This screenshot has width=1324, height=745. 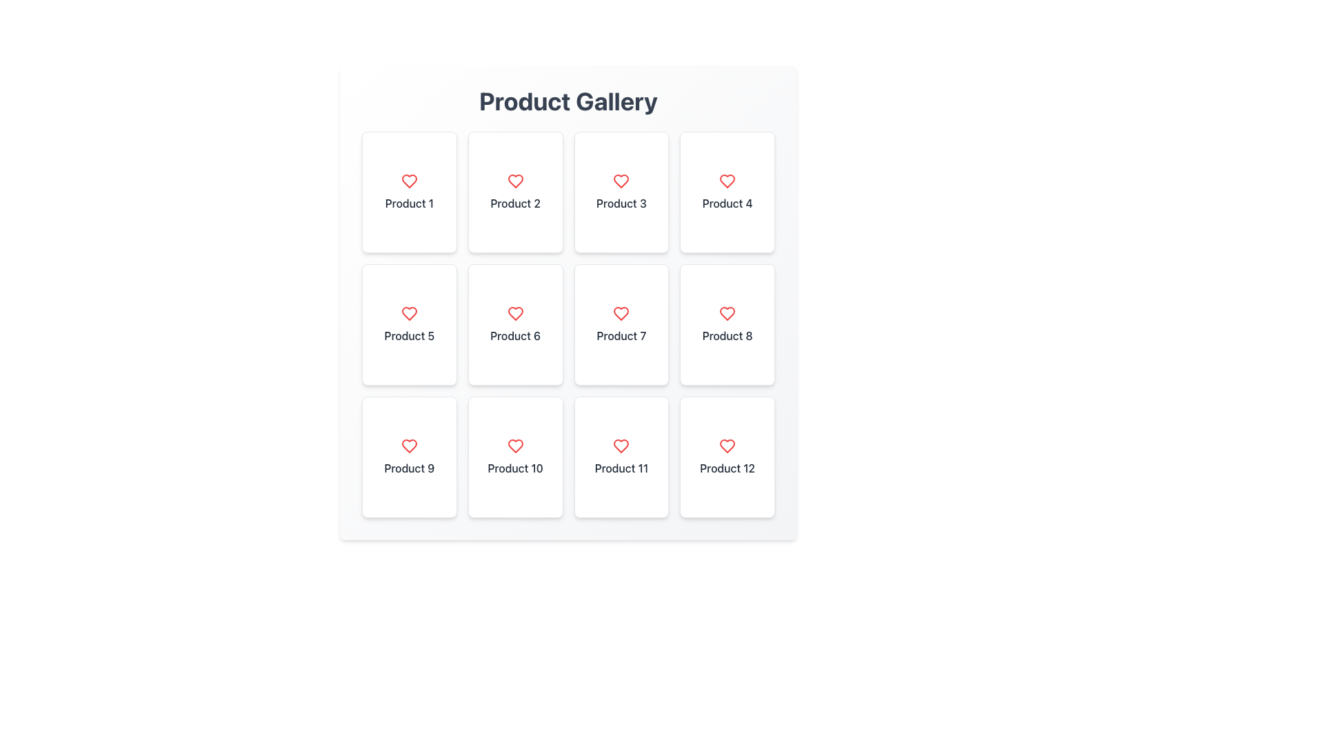 I want to click on the static text label displaying 'Product 1', which is styled in dark gray on a white background, located in the first product card of the grid layout, so click(x=408, y=203).